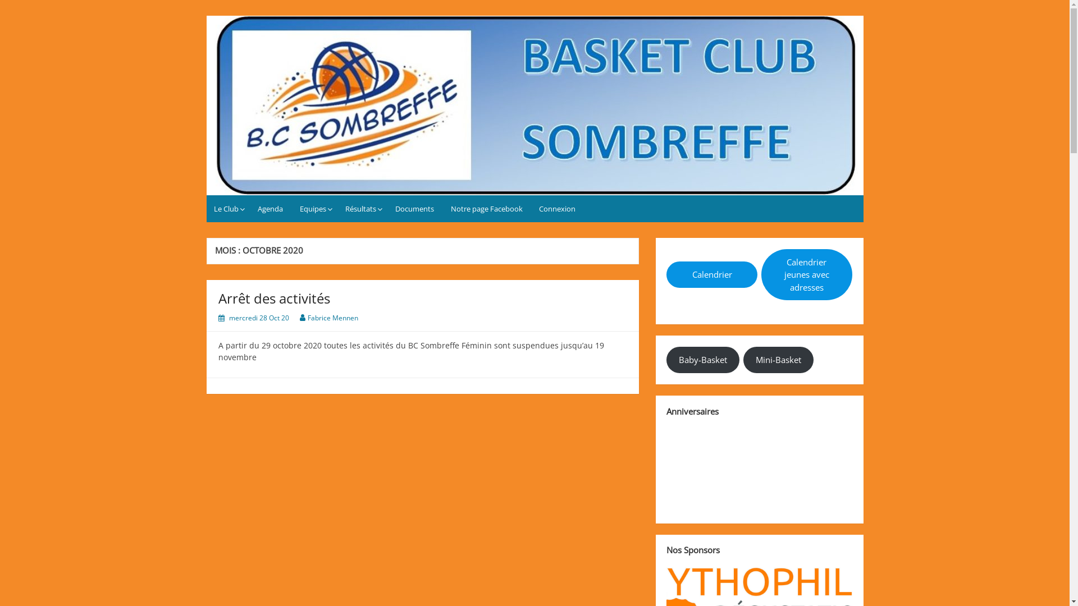  Describe the element at coordinates (558, 208) in the screenshot. I see `'Connexion'` at that location.